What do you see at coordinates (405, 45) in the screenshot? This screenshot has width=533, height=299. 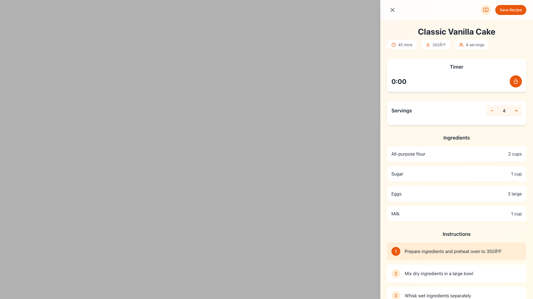 I see `displayed text from the Text Label indicating the preparation or cooking duration for the 'Classic Vanilla Cake', located next to the clock icon` at bounding box center [405, 45].